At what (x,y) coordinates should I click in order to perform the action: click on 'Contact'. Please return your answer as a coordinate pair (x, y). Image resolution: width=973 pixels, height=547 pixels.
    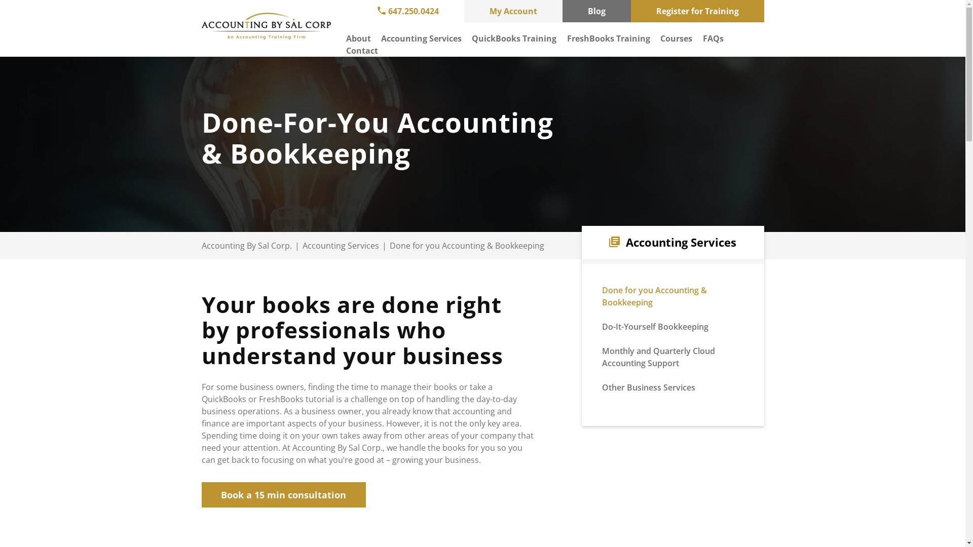
    Looking at the image, I should click on (361, 51).